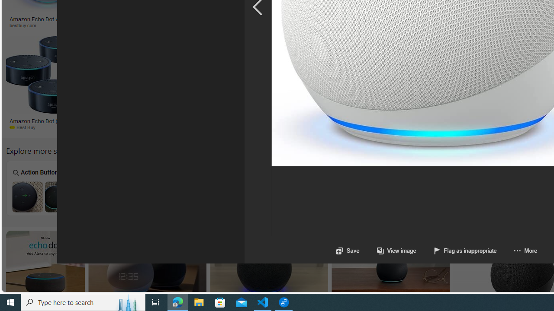  Describe the element at coordinates (348, 251) in the screenshot. I see `'Save'` at that location.